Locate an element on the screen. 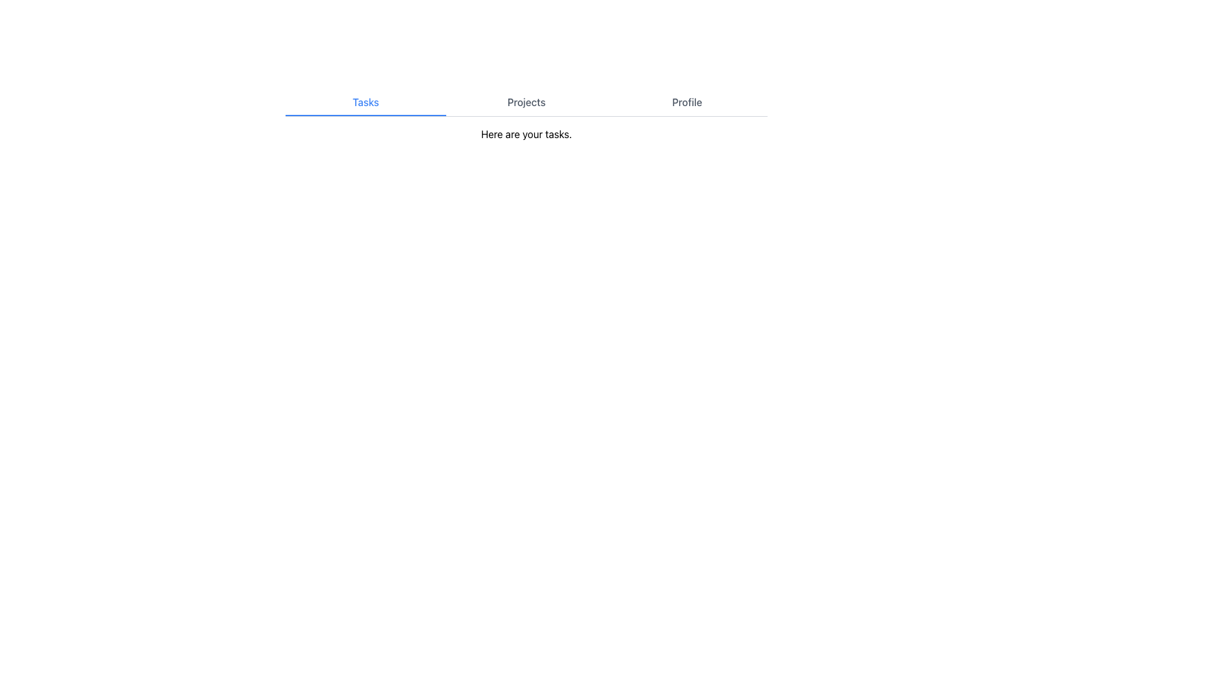 The image size is (1205, 678). the 'Projects' text button located in the navigation bar is located at coordinates (527, 102).